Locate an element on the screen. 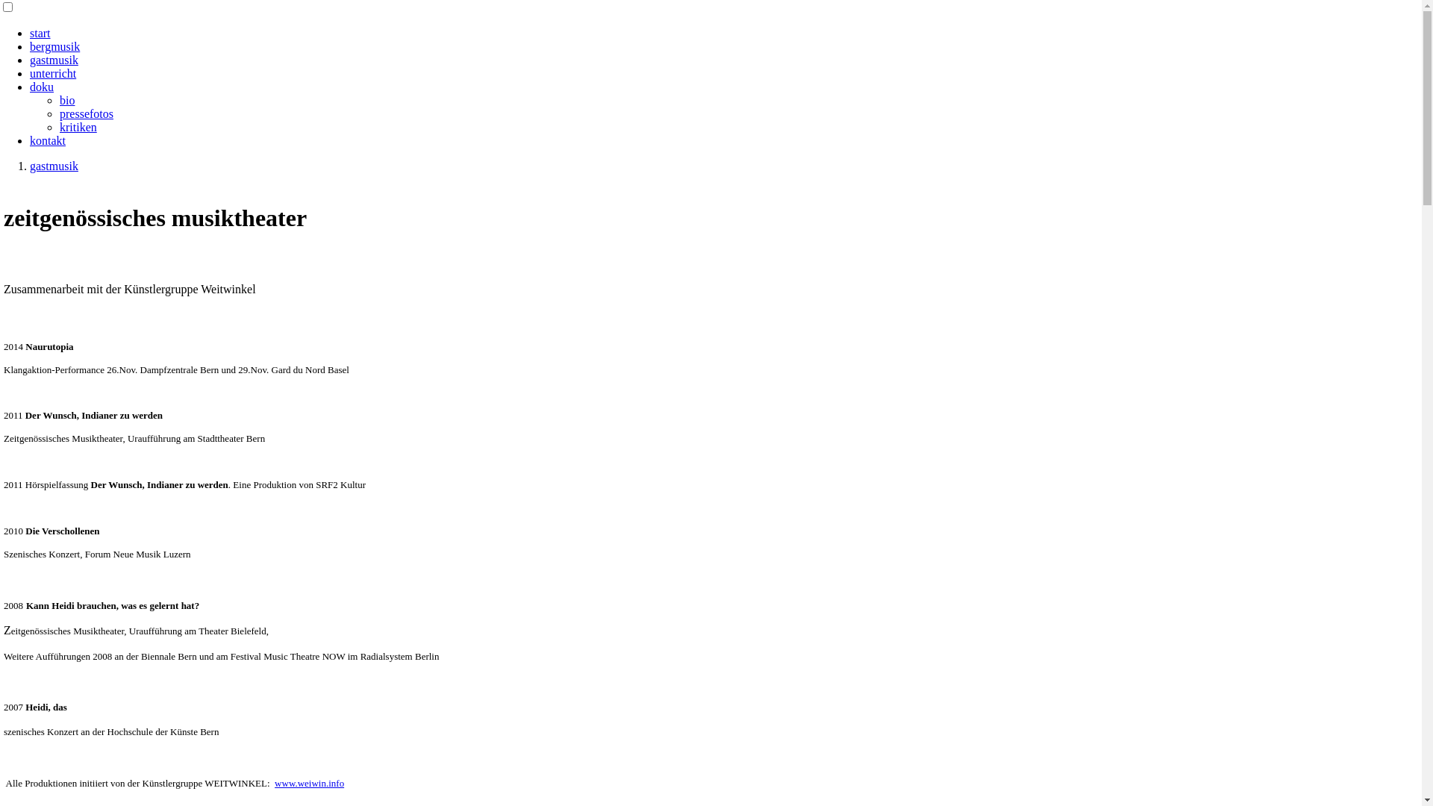 Image resolution: width=1433 pixels, height=806 pixels. 'www.weiwin.info' is located at coordinates (275, 782).